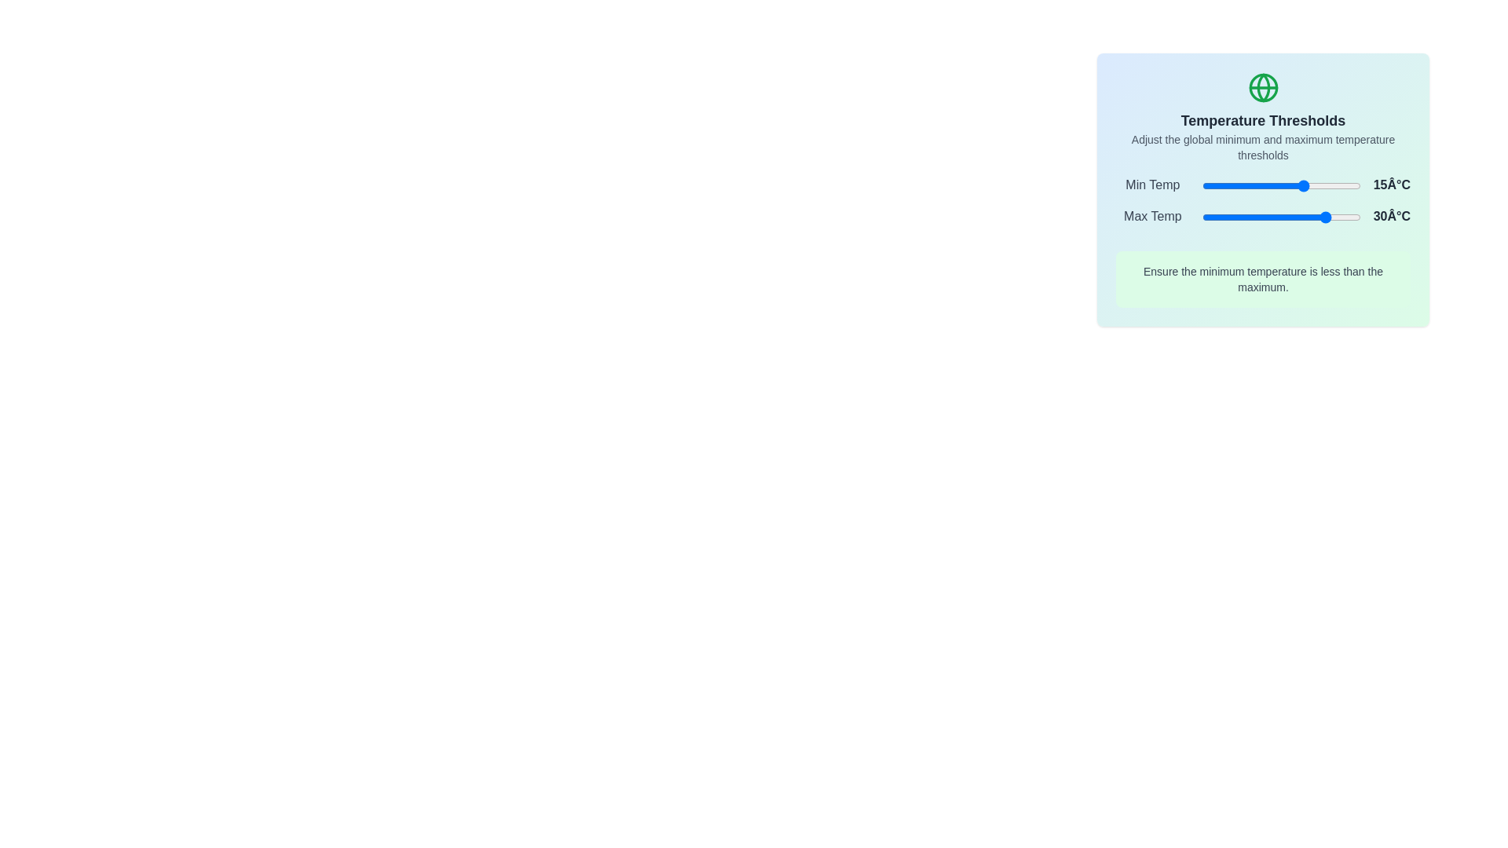 This screenshot has height=848, width=1508. I want to click on the maximum temperature slider to 37°C, so click(1339, 217).